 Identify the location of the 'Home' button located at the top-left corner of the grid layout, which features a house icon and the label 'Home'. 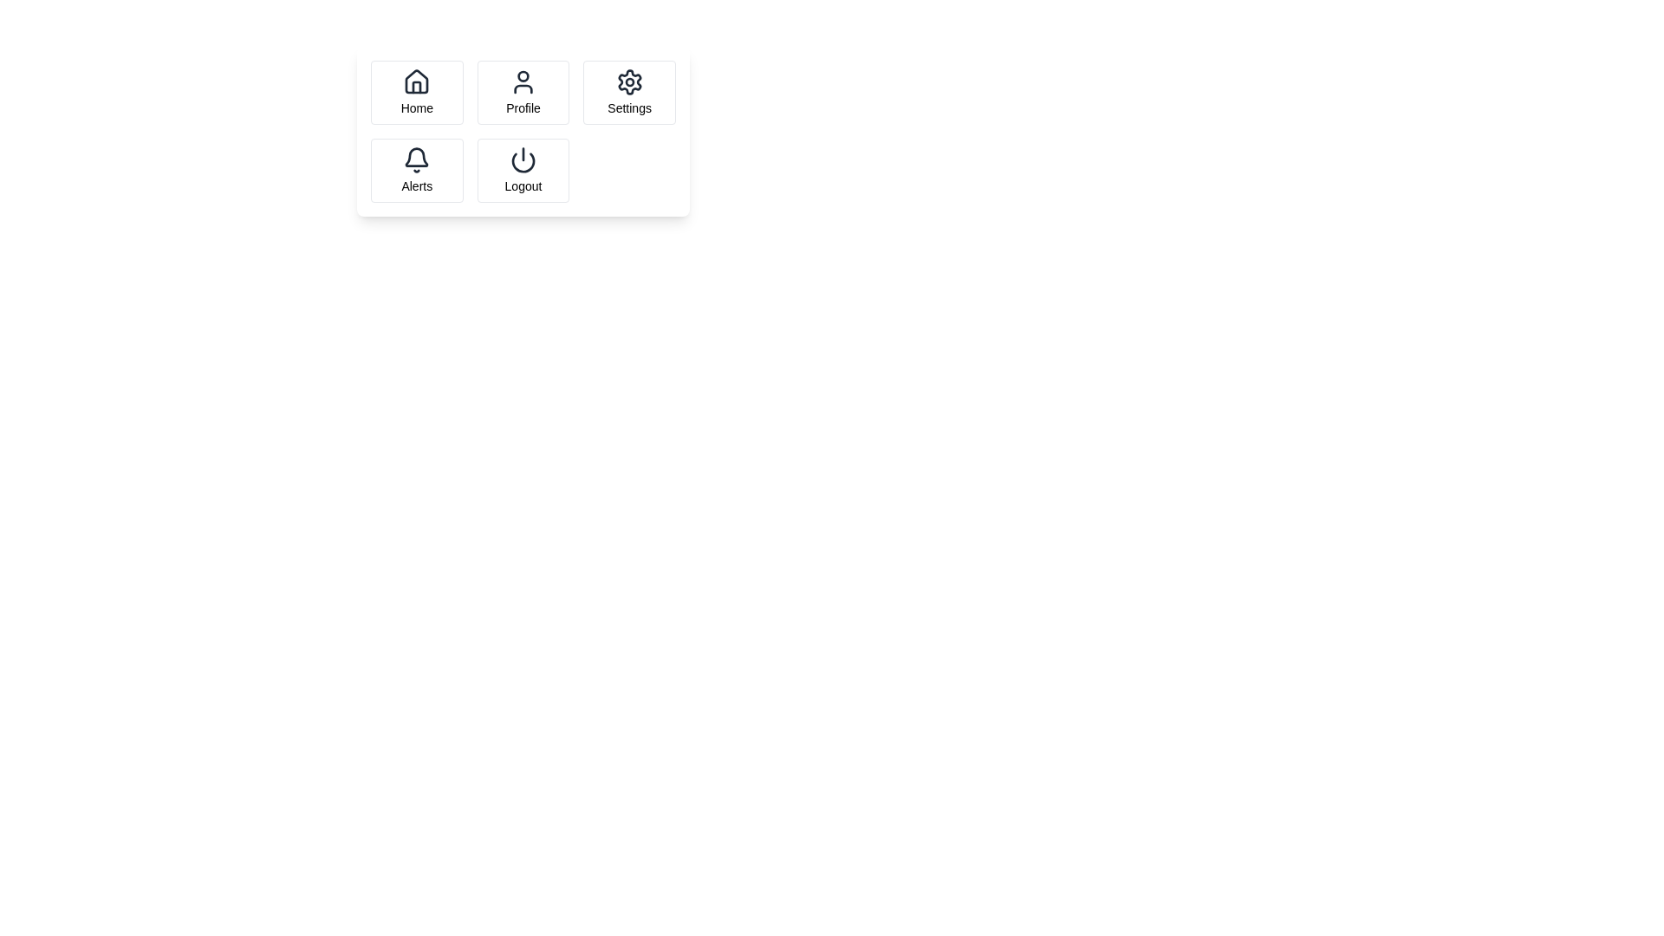
(417, 93).